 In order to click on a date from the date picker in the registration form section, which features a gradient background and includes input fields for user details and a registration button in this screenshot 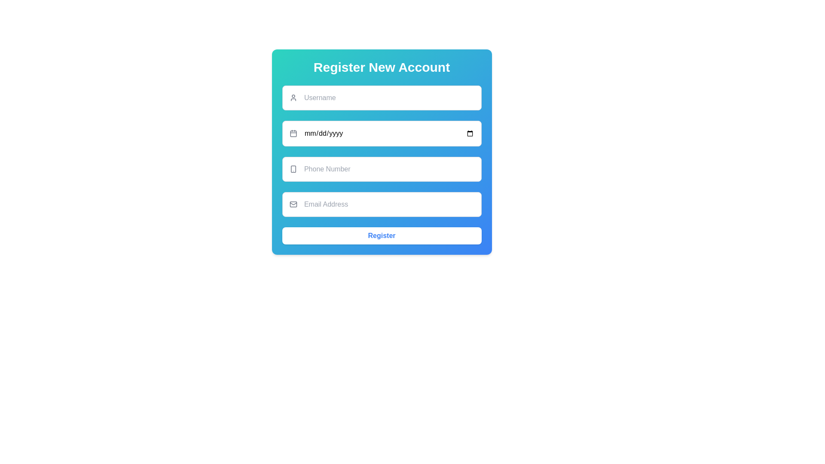, I will do `click(381, 152)`.